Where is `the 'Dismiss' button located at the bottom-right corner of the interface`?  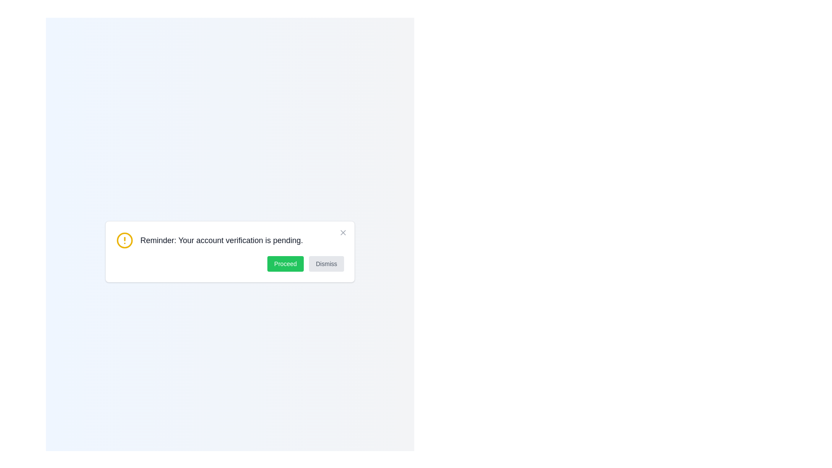 the 'Dismiss' button located at the bottom-right corner of the interface is located at coordinates (326, 263).